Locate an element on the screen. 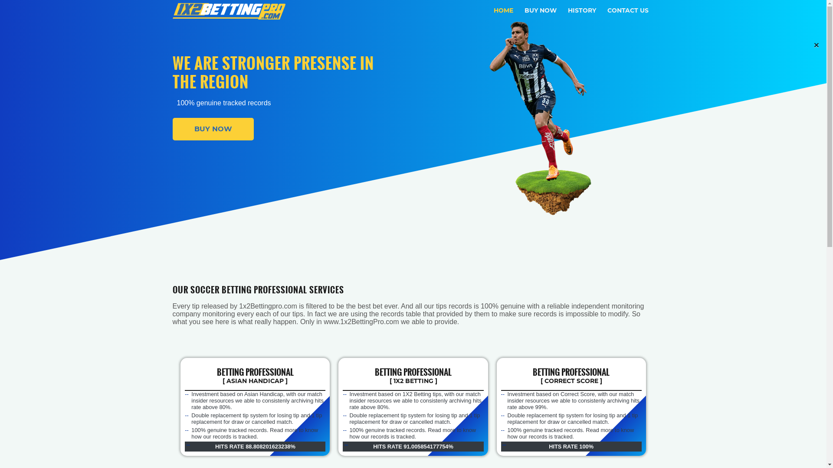 The image size is (833, 468). 'BUY NOW' is located at coordinates (213, 129).